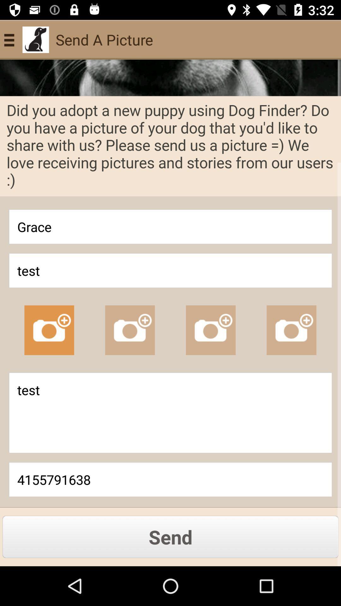  Describe the element at coordinates (130, 330) in the screenshot. I see `the second camera button of the page` at that location.